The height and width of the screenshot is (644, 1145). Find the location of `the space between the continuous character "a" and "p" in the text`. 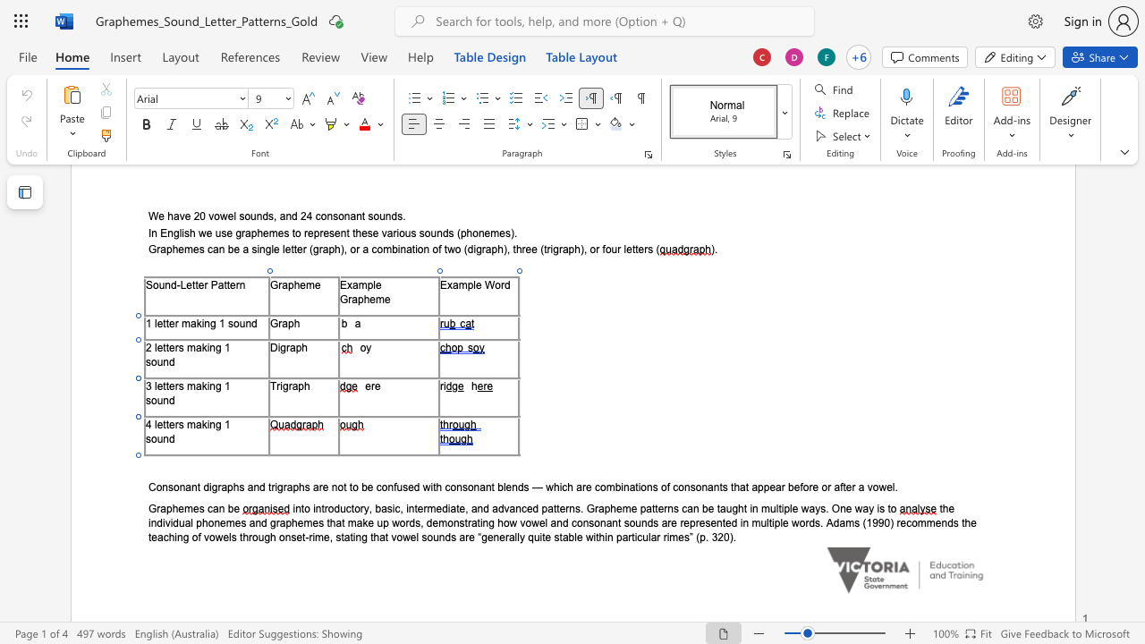

the space between the continuous character "a" and "p" in the text is located at coordinates (165, 508).